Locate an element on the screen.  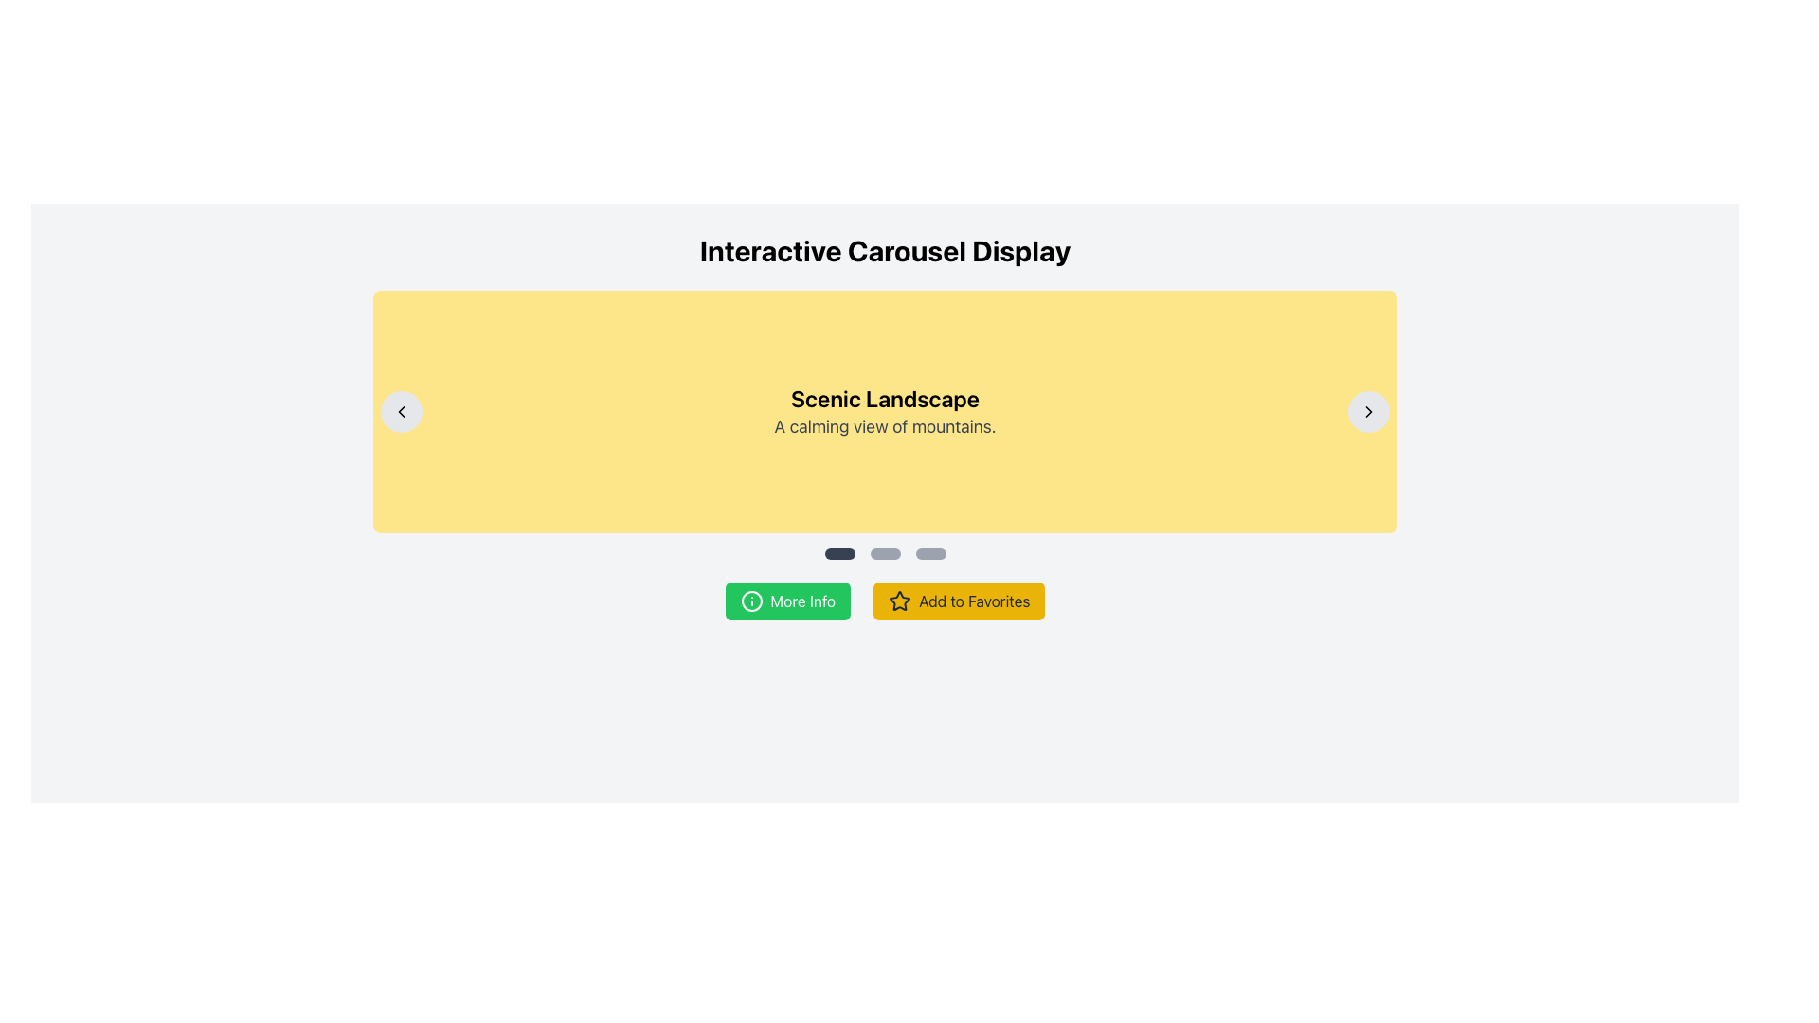
the left navigation arrow icon in the carousel component is located at coordinates (400, 411).